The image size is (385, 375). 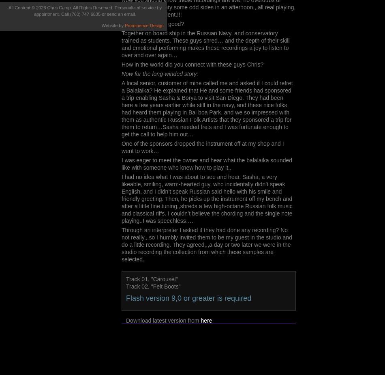 What do you see at coordinates (159, 74) in the screenshot?
I see `'Now for the long-winded story:'` at bounding box center [159, 74].